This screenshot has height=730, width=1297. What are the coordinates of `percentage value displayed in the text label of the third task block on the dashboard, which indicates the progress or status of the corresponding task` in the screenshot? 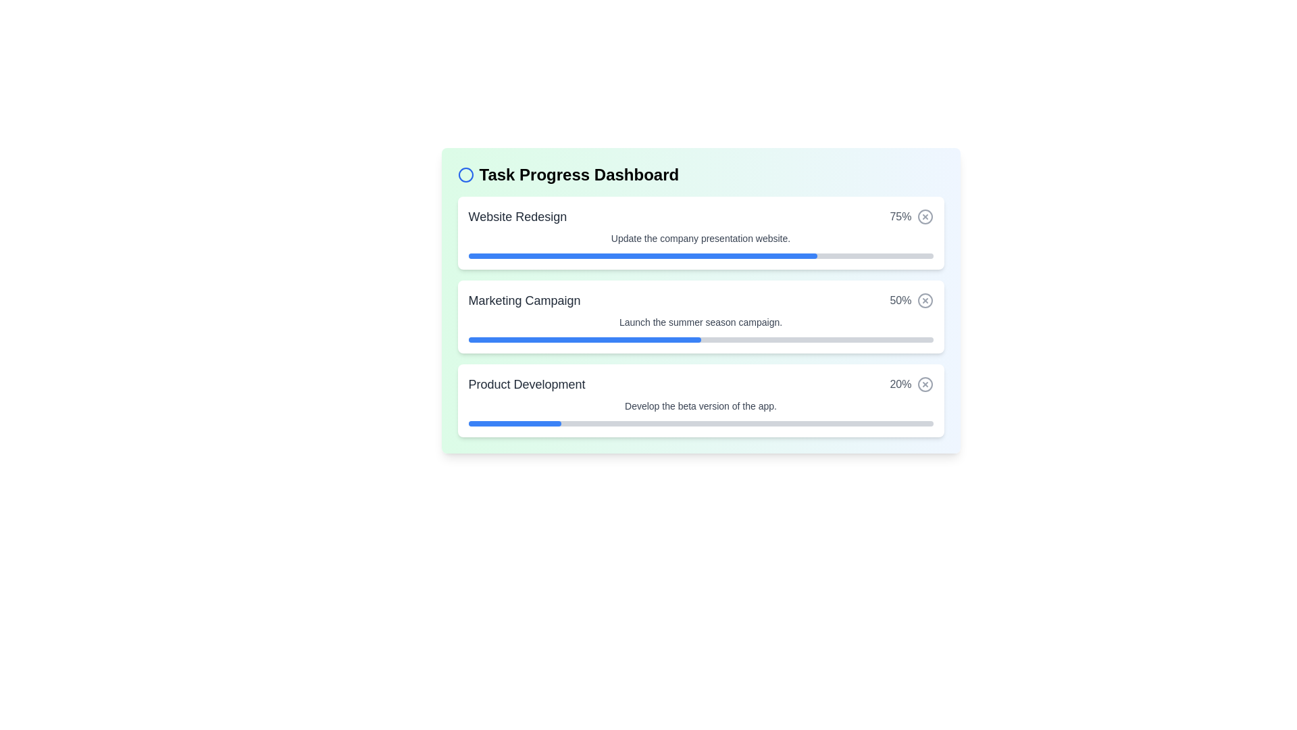 It's located at (900, 385).